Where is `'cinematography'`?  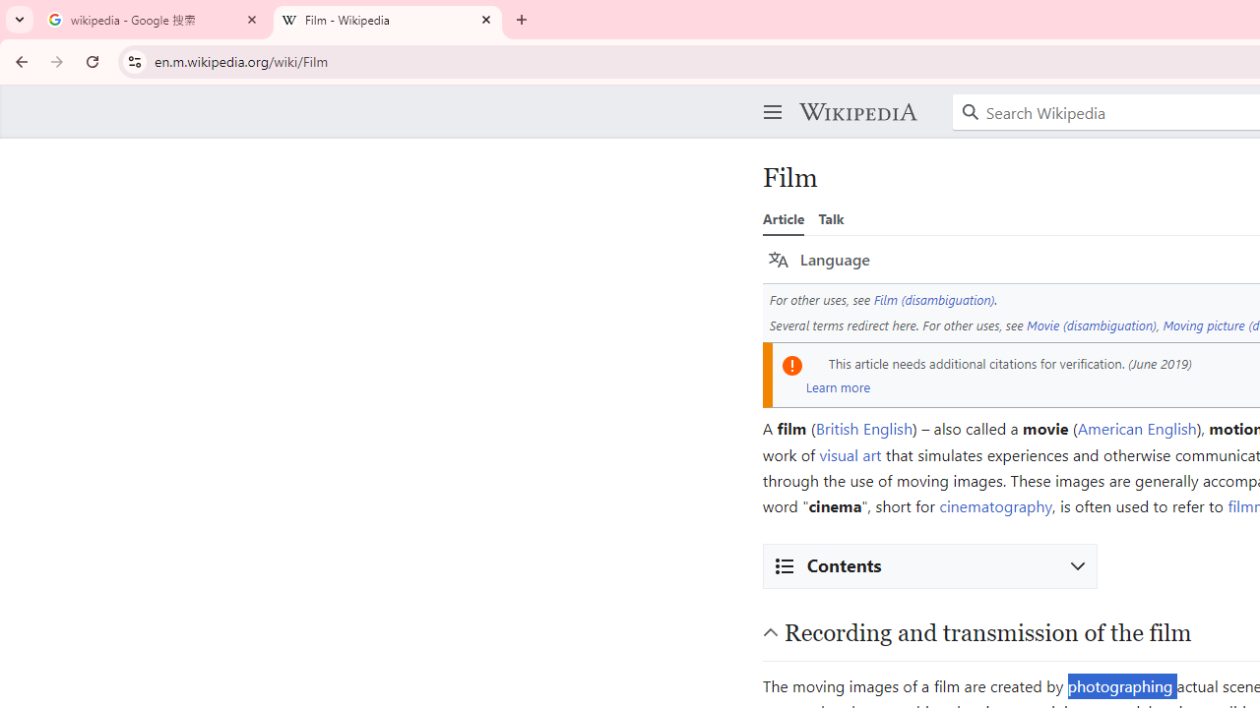
'cinematography' is located at coordinates (995, 505).